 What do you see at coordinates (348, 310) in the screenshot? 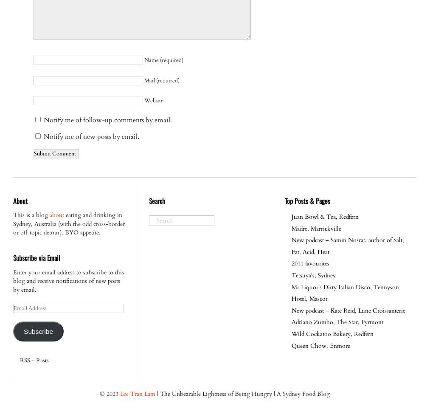
I see `'New podcast – Kate Reid, Lune Croissanterie'` at bounding box center [348, 310].